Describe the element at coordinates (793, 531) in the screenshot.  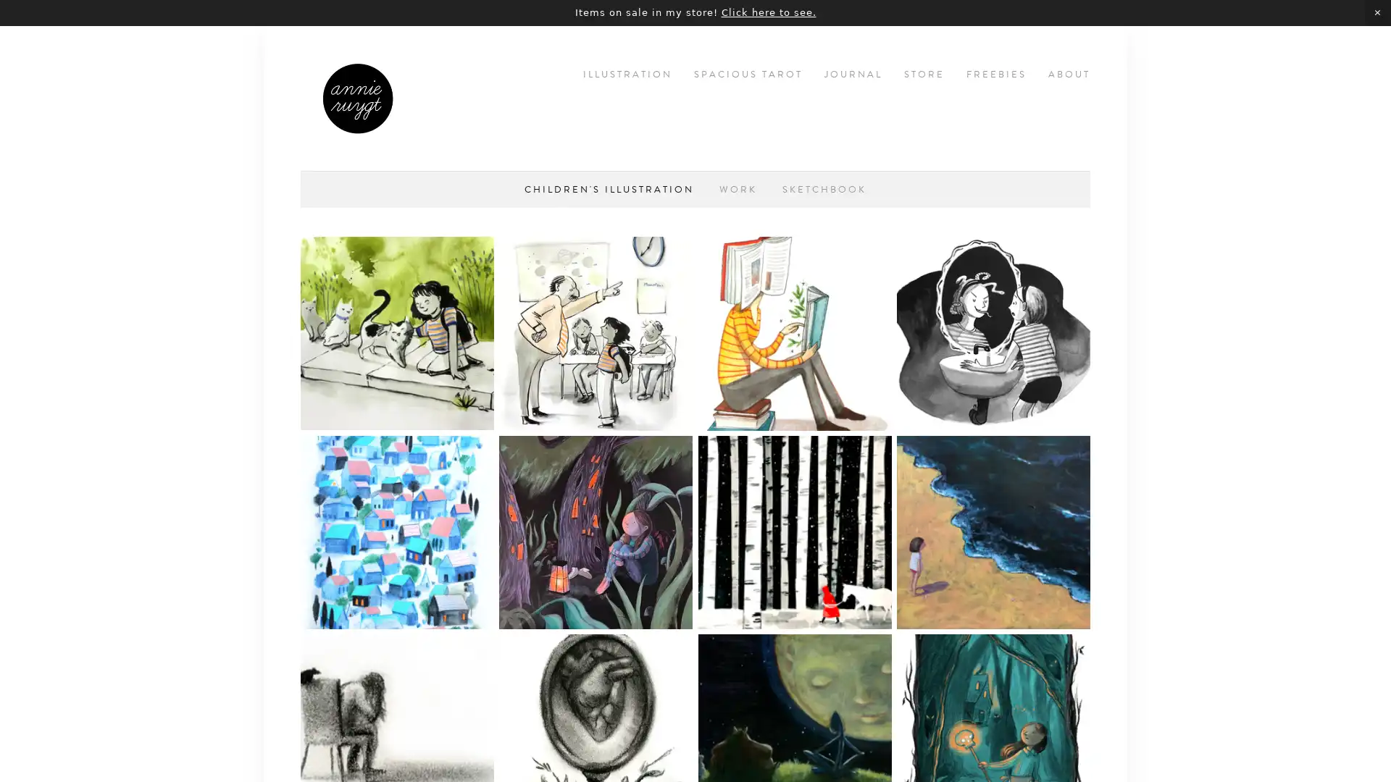
I see `View fullsize red-riding-hood.png` at that location.